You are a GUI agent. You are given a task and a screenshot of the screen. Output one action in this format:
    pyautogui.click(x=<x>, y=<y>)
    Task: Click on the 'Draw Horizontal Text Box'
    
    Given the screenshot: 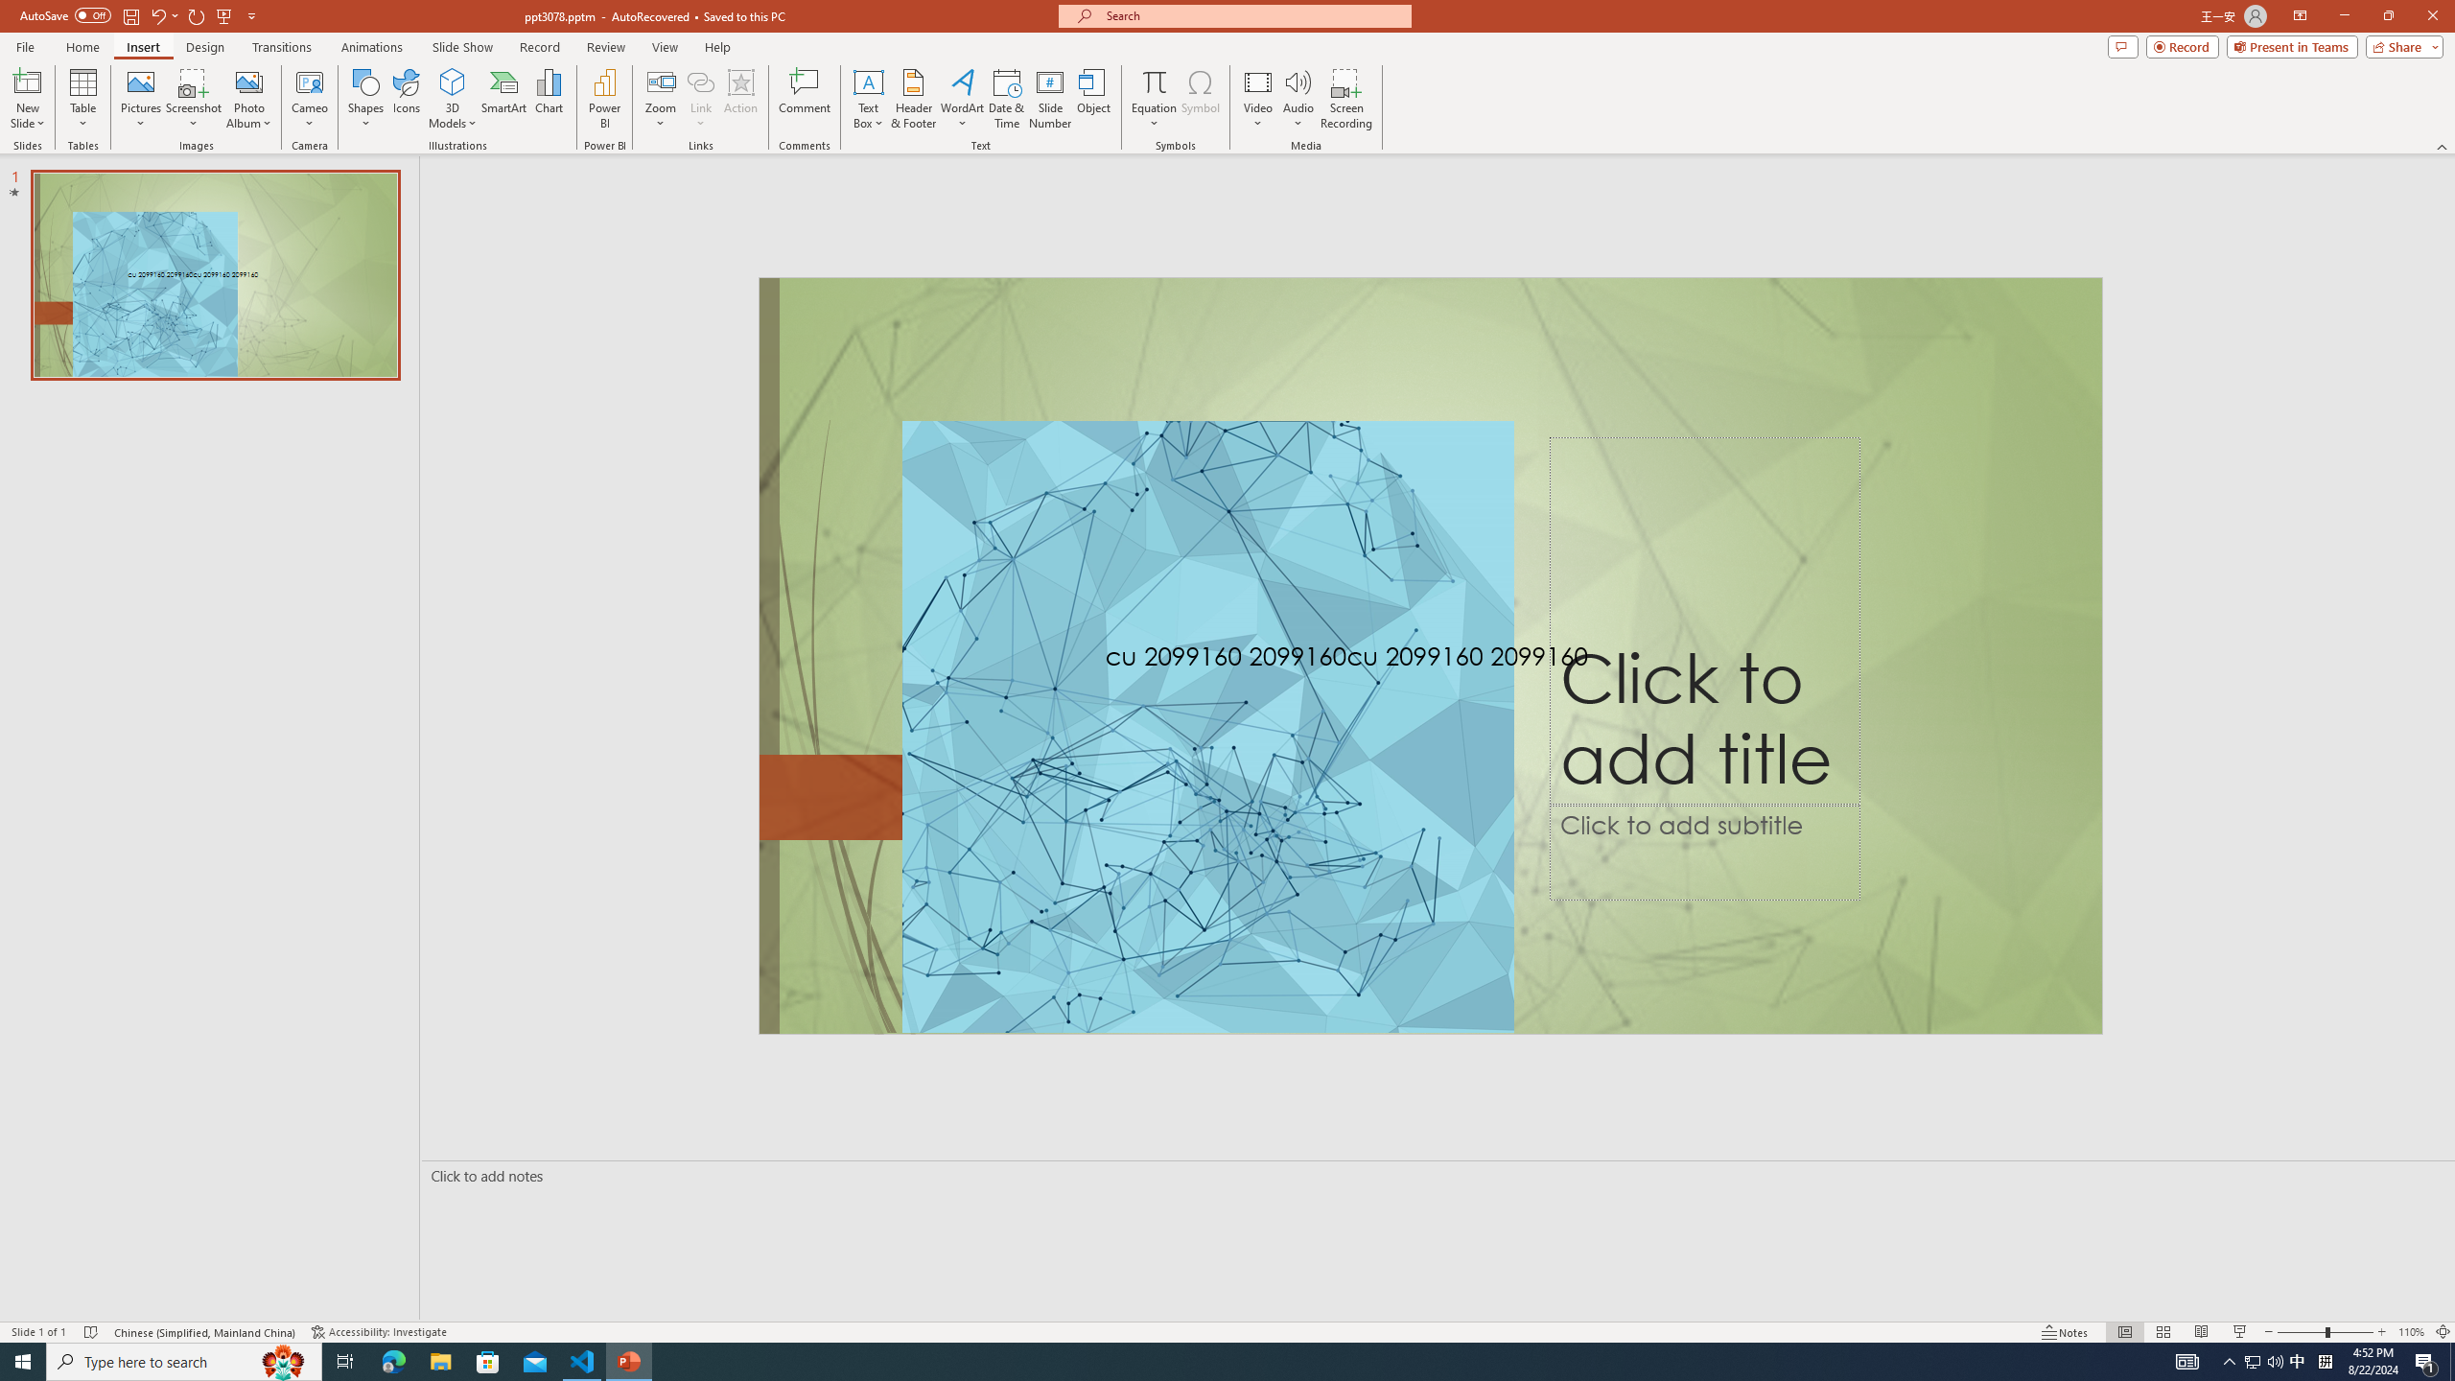 What is the action you would take?
    pyautogui.click(x=868, y=81)
    